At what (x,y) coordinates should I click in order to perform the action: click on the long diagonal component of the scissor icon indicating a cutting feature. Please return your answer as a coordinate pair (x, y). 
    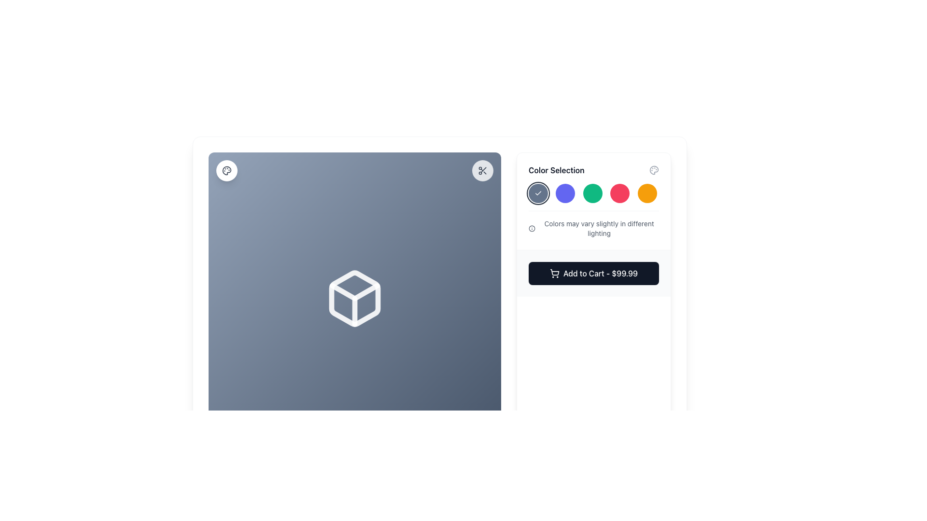
    Looking at the image, I should click on (483, 169).